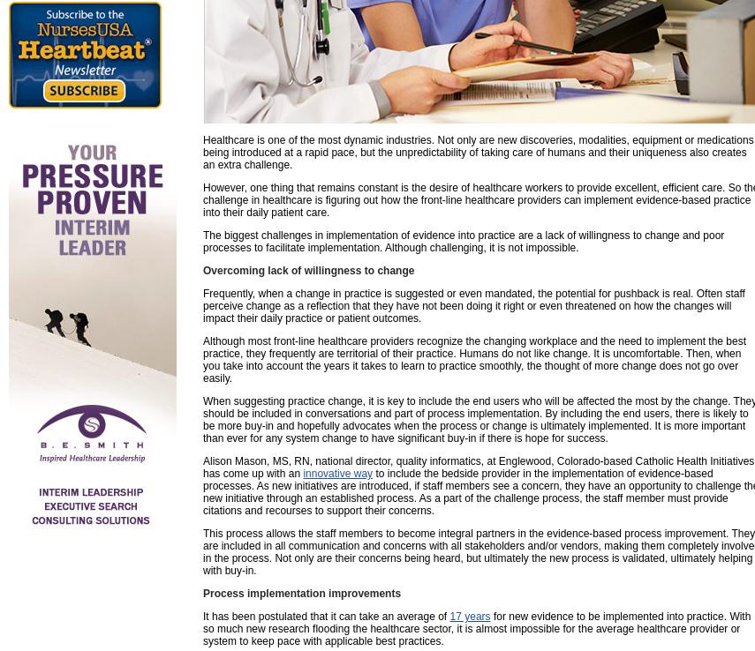 This screenshot has height=651, width=755. Describe the element at coordinates (202, 306) in the screenshot. I see `'Frequently, when a change in practice is suggested or even mandated, the potential for pushback is real. Often staff perceive change as a reflection that they have not been doing it right or even threatened on how the changes will impact their daily practice or patient outcomes.'` at that location.